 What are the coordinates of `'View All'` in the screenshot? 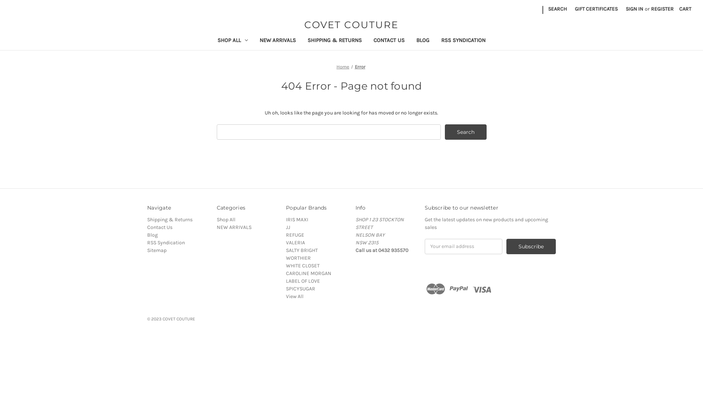 It's located at (295, 296).